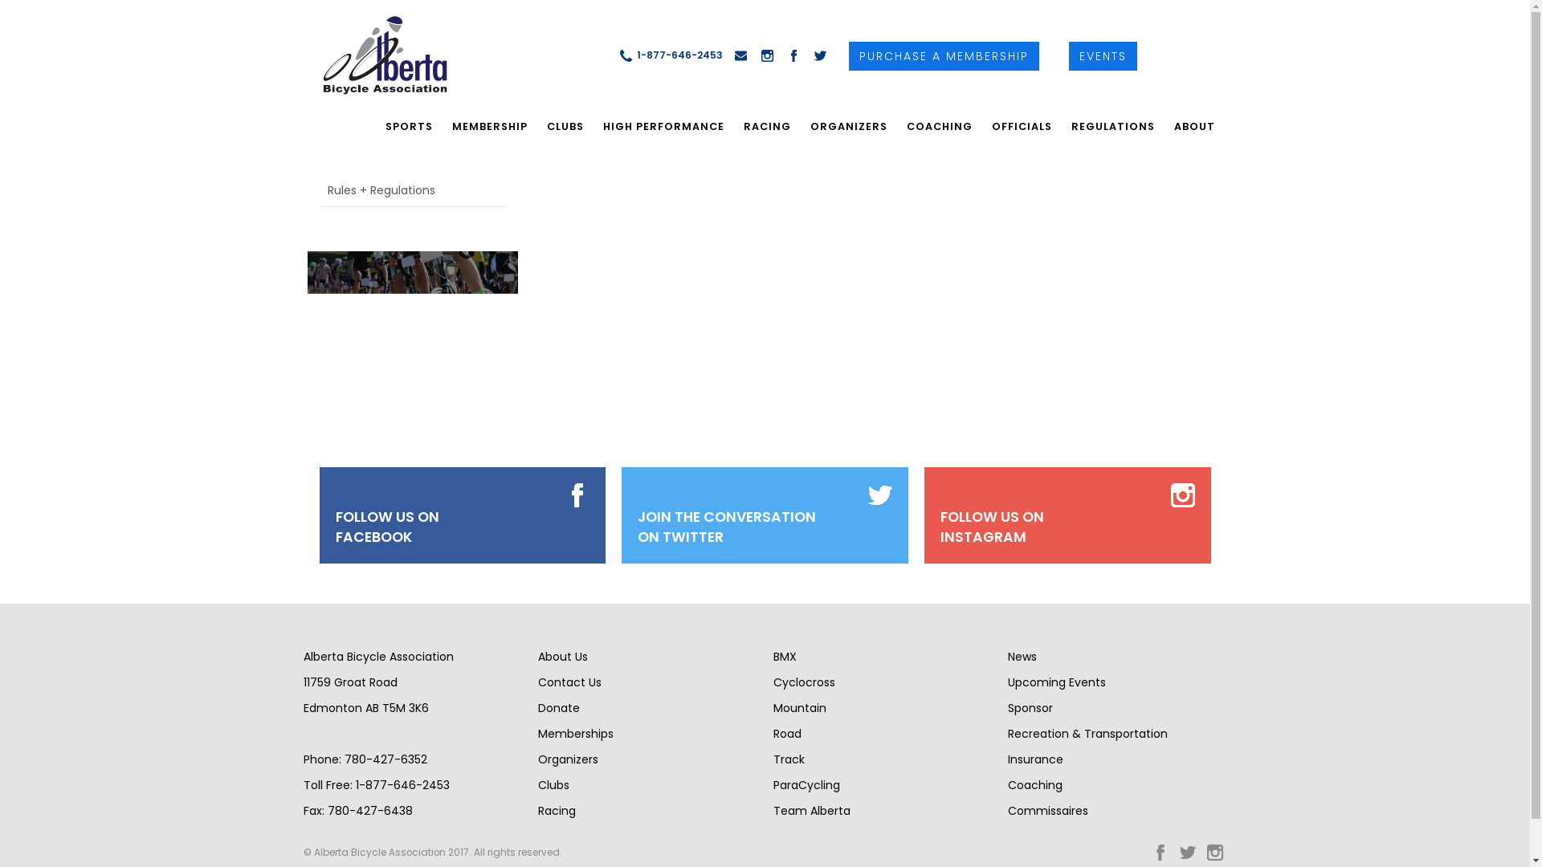 The height and width of the screenshot is (867, 1542). I want to click on 'Sponsor', so click(1030, 707).